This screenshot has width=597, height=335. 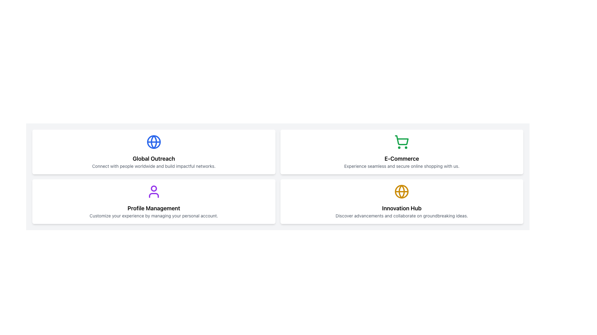 What do you see at coordinates (154, 188) in the screenshot?
I see `the circular head icon representing the user in the Profile Management section located at the bottom-left quadrant of the layout` at bounding box center [154, 188].